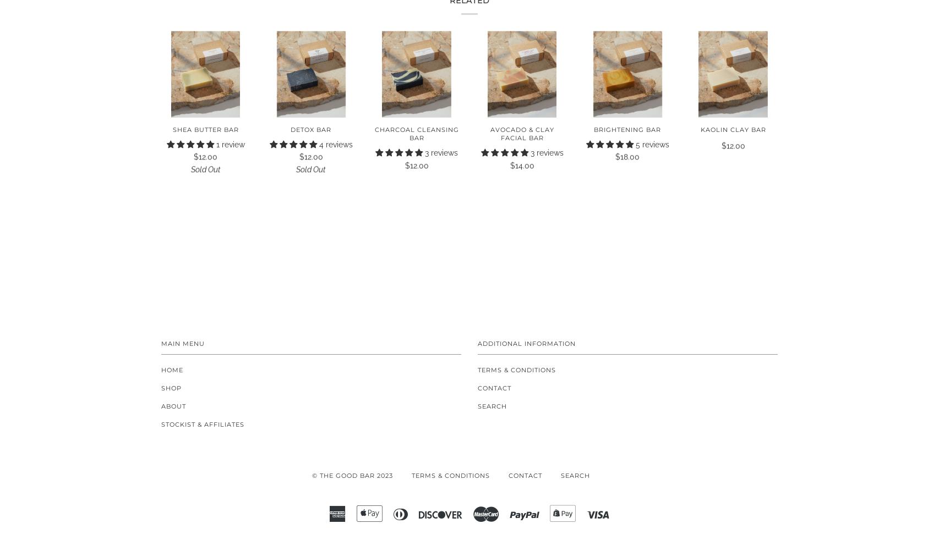 The image size is (939, 540). Describe the element at coordinates (335, 144) in the screenshot. I see `'4 reviews'` at that location.